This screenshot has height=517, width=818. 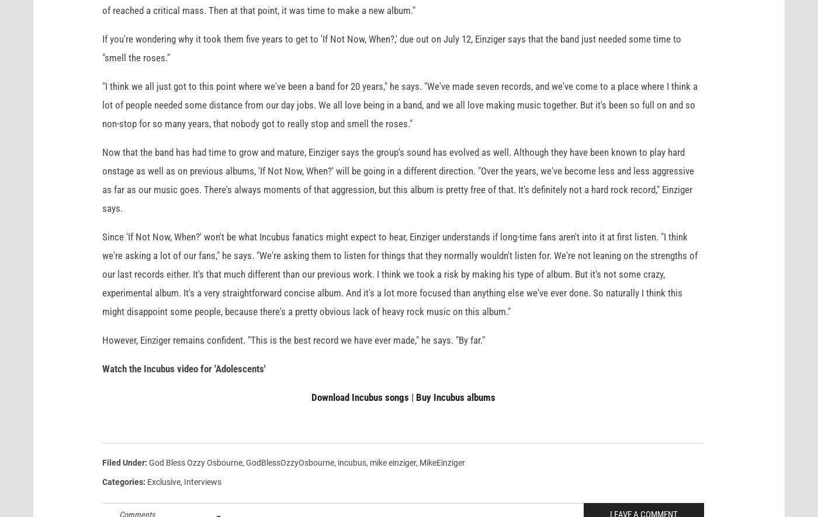 What do you see at coordinates (184, 387) in the screenshot?
I see `'Watch the Incubus video for 'Adolescents''` at bounding box center [184, 387].